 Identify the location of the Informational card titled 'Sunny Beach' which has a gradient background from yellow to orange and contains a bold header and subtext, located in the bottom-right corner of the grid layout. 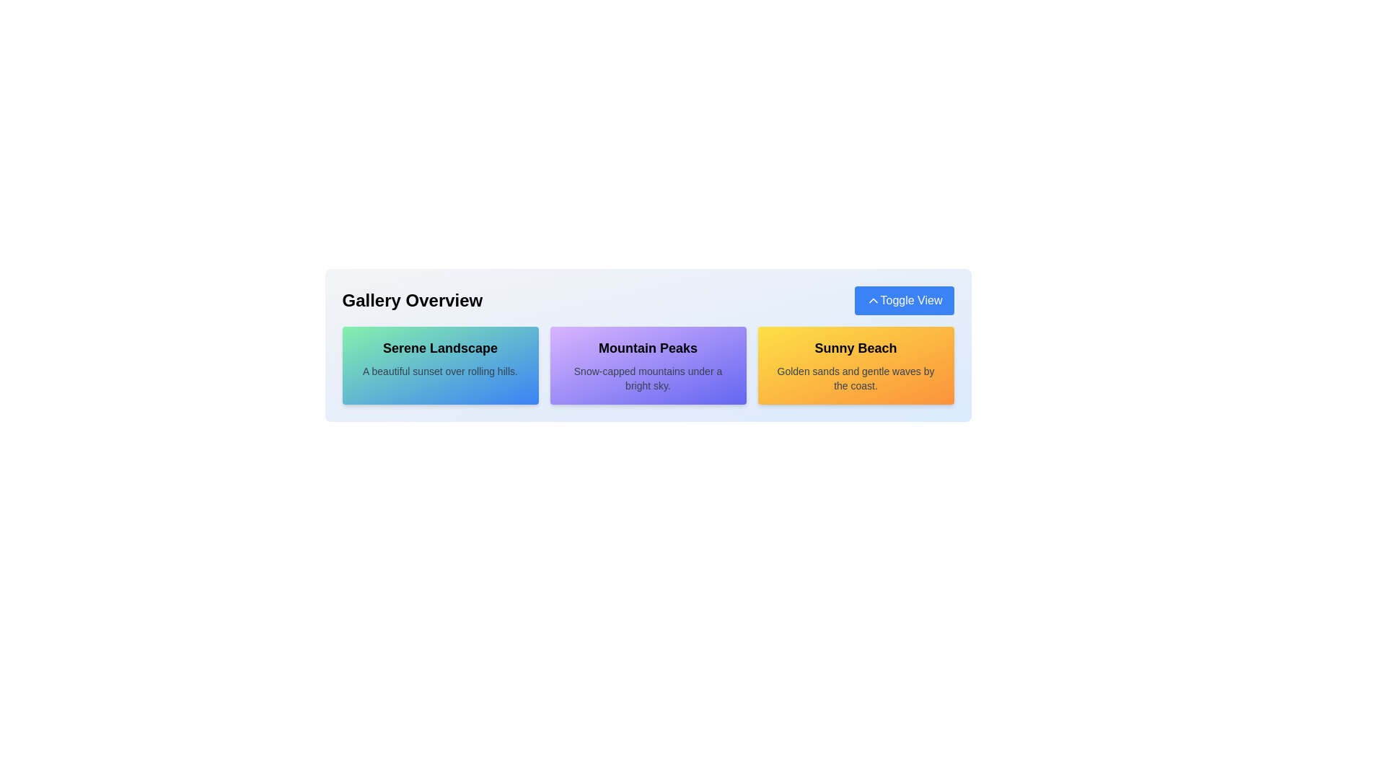
(856, 364).